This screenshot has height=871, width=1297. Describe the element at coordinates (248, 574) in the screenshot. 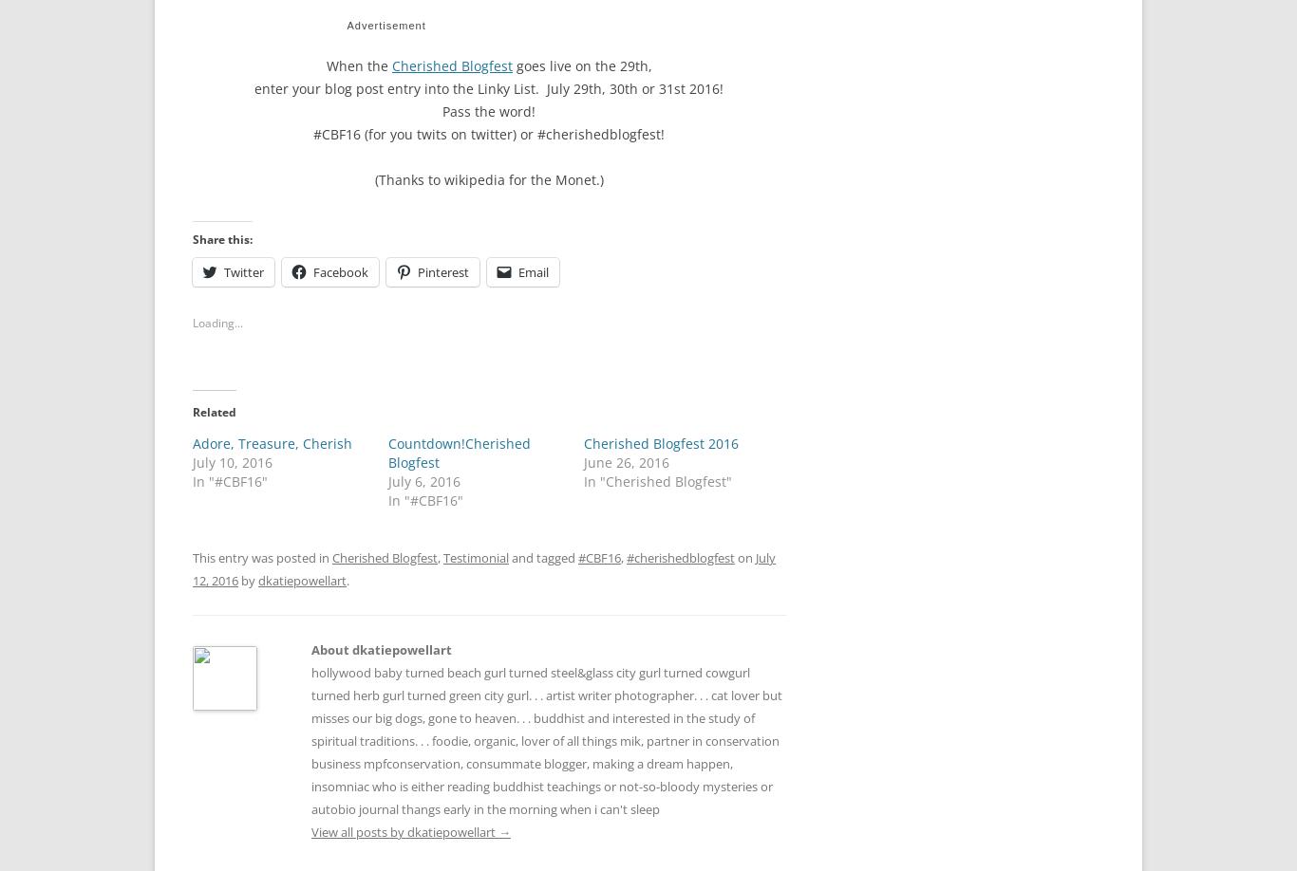

I see `'by'` at that location.